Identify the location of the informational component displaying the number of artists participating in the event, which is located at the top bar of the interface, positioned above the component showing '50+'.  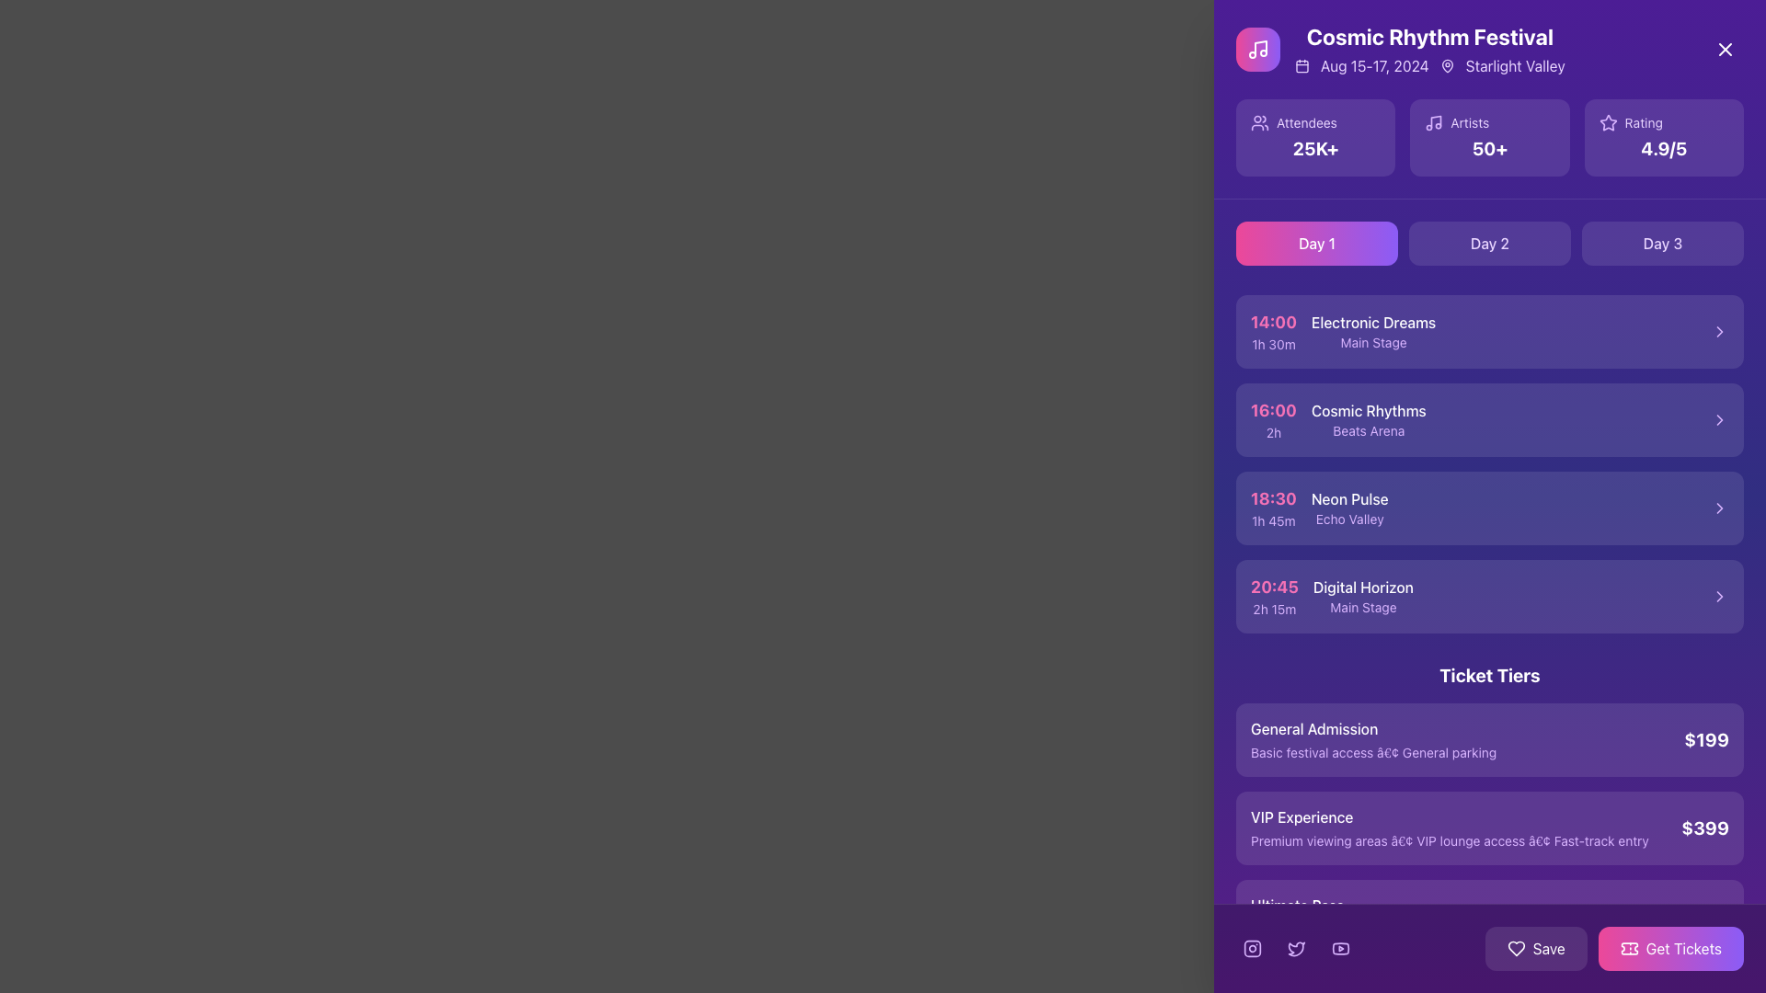
(1489, 123).